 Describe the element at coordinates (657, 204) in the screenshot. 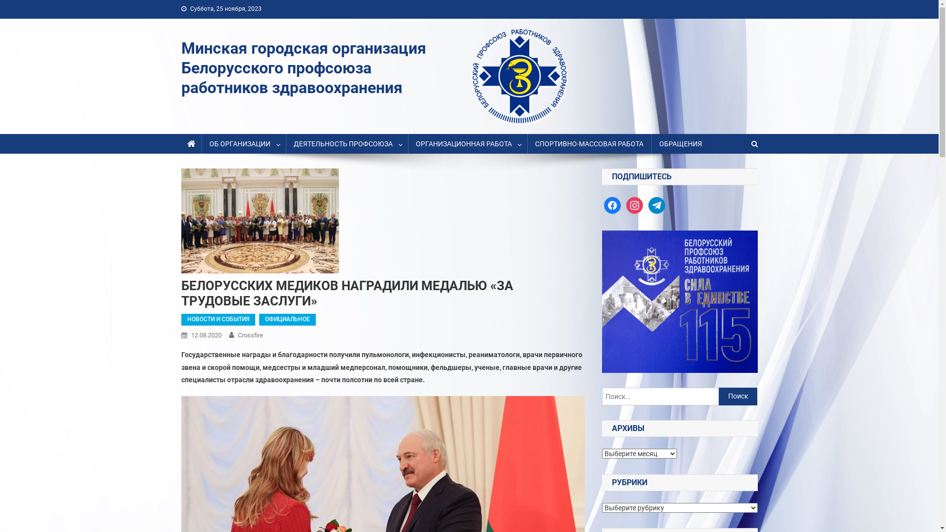

I see `'telegram'` at that location.